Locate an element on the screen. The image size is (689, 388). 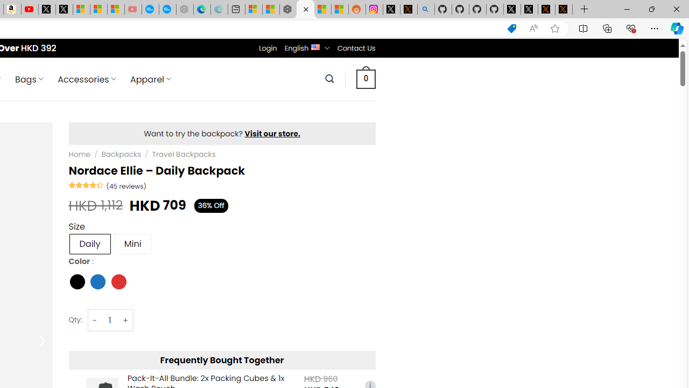
'Visit our store.' is located at coordinates (272, 133).